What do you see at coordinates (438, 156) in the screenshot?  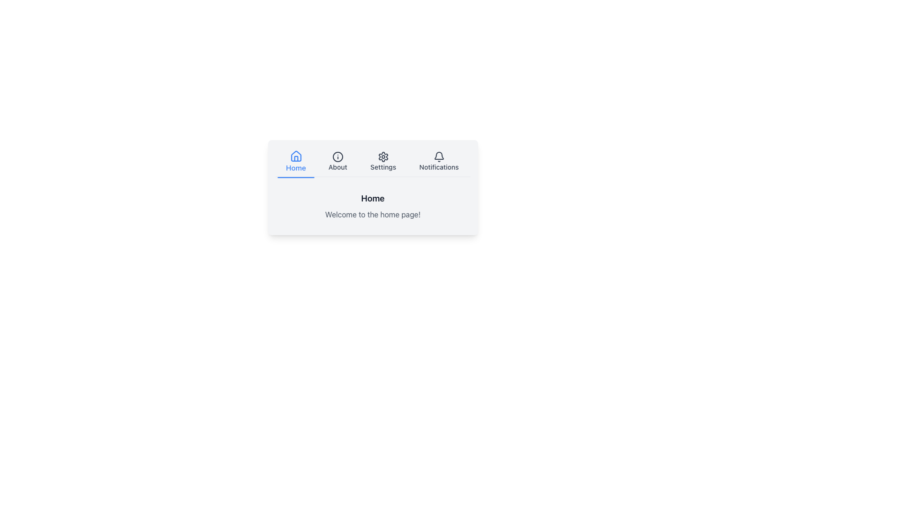 I see `the bell icon that indicates the 'Notifications' feature, located at the top of the tab labeled 'Notifications' in the navigation bar` at bounding box center [438, 156].